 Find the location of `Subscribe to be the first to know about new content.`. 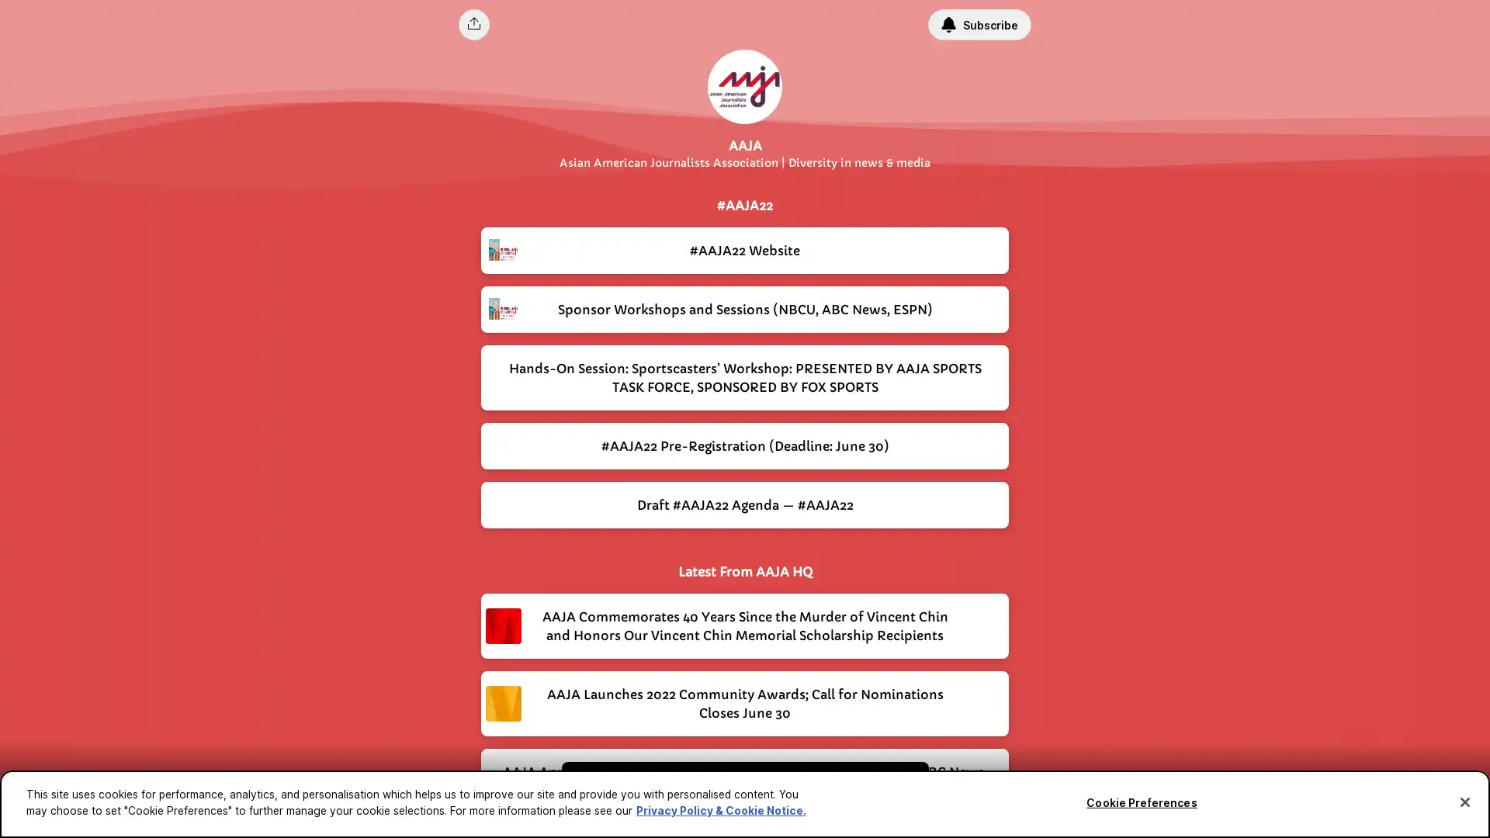

Subscribe to be the first to know about new content. is located at coordinates (733, 790).